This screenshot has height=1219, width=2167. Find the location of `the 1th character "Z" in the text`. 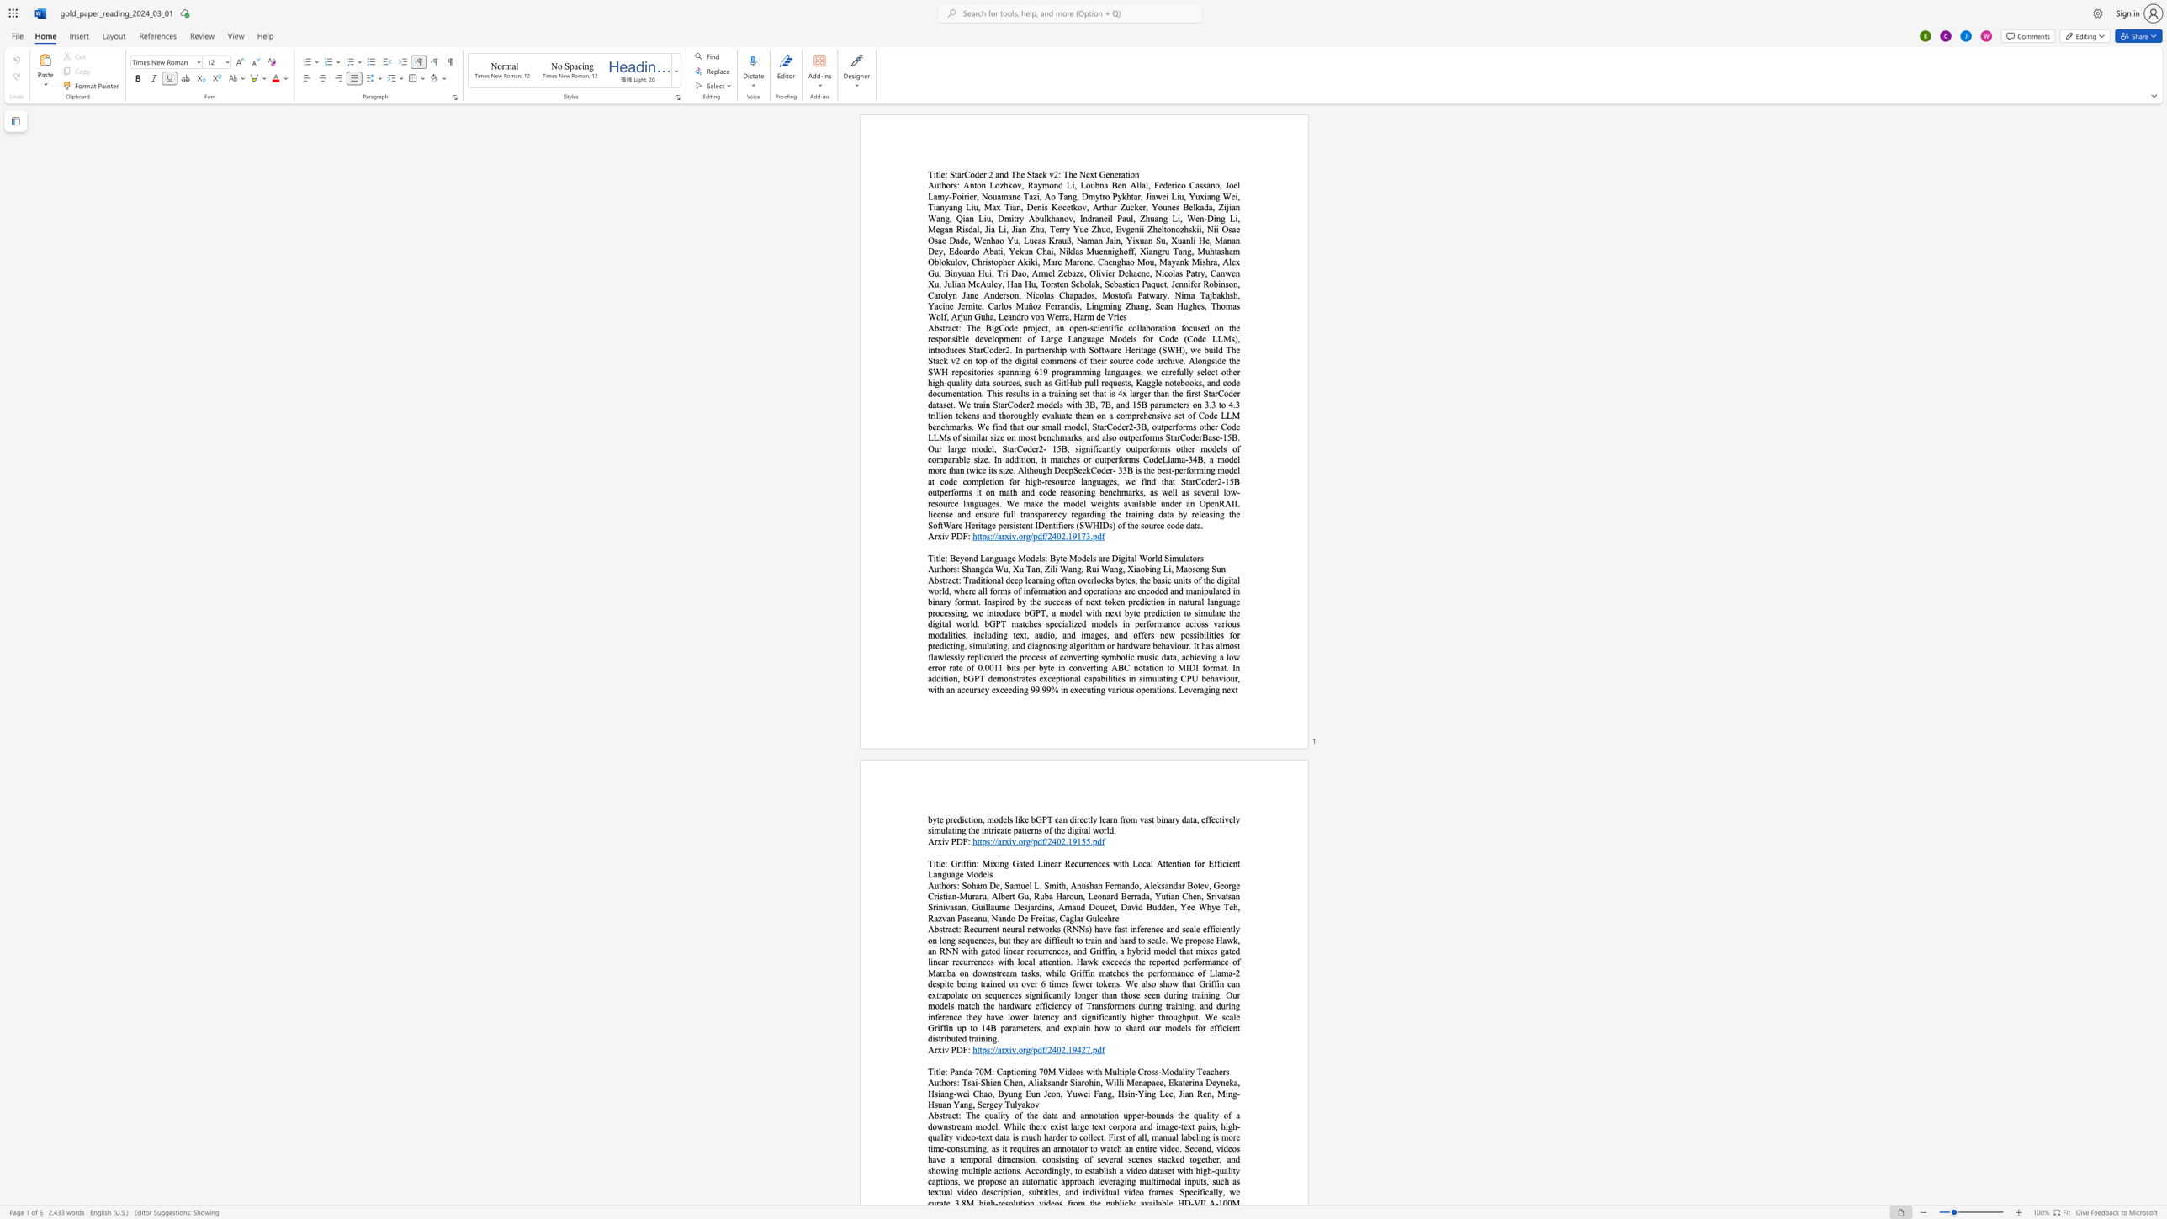

the 1th character "Z" in the text is located at coordinates (1046, 569).